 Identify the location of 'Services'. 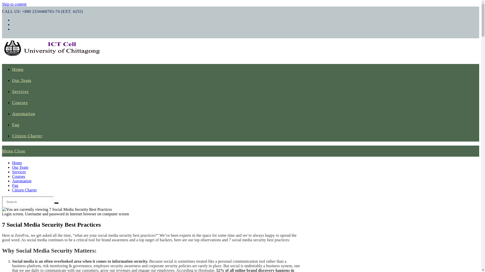
(19, 172).